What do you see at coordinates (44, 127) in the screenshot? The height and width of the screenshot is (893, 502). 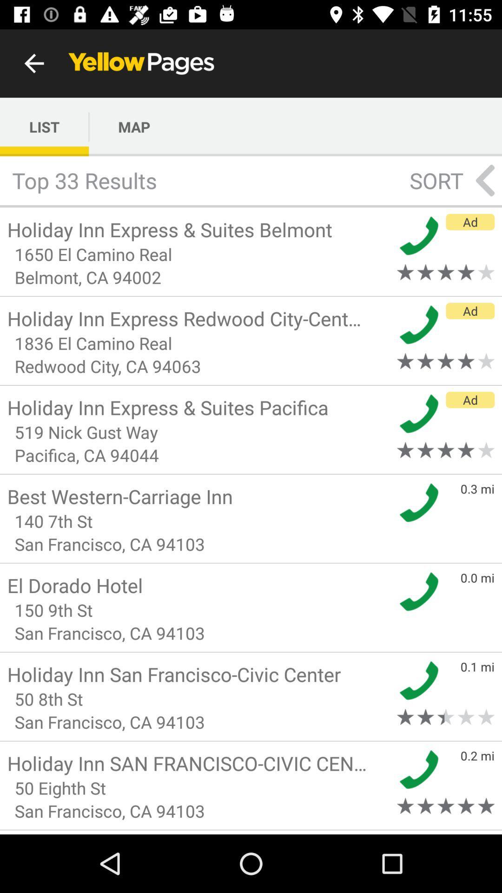 I see `the list` at bounding box center [44, 127].